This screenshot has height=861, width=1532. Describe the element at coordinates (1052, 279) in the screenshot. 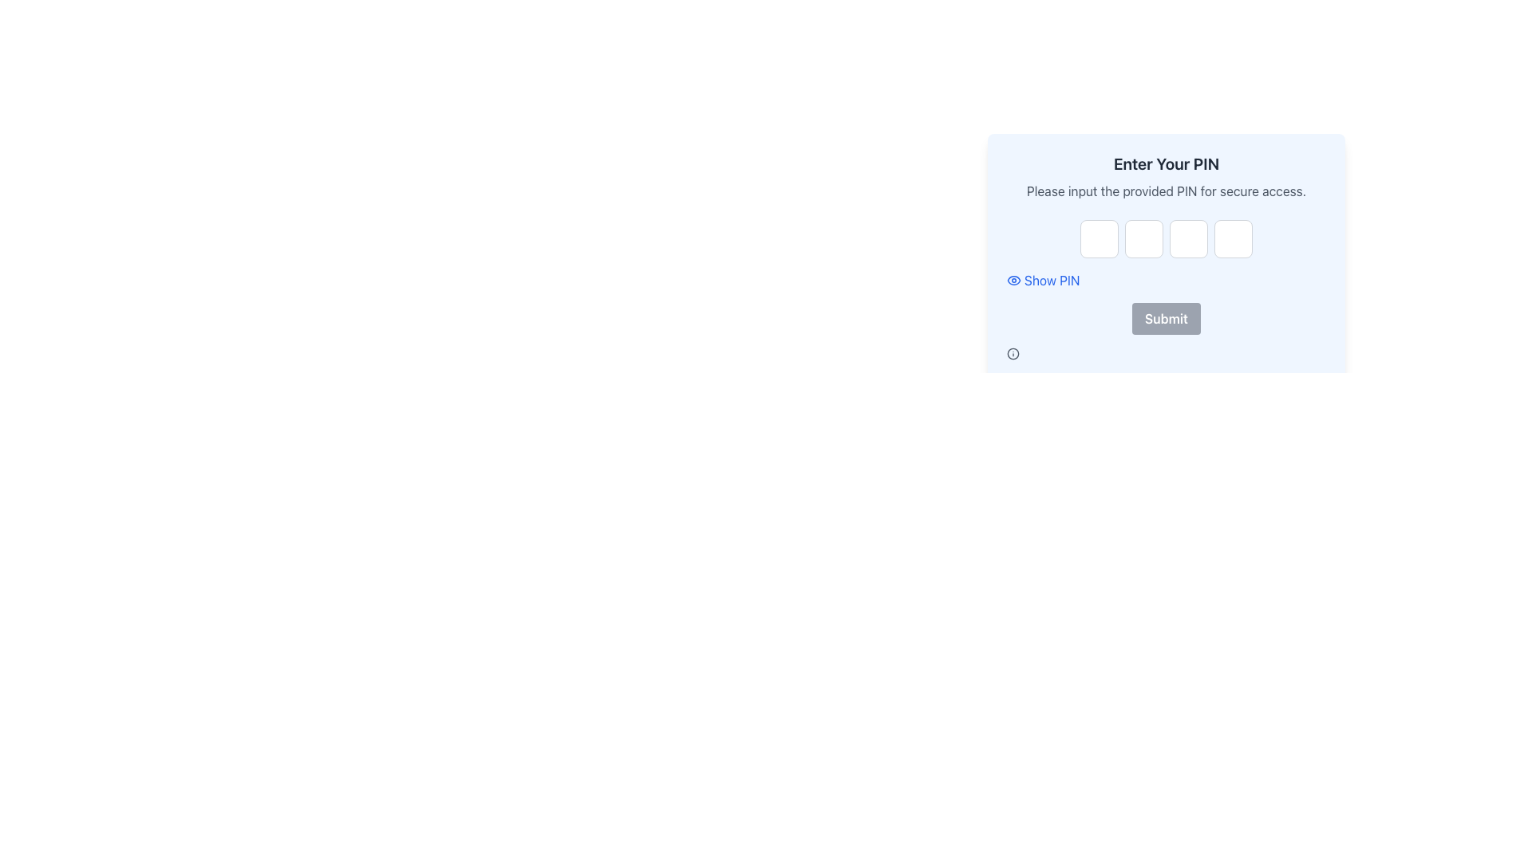

I see `the 'Show PIN' text label, which indicates functionality for revealing the obscured PIN input above` at that location.